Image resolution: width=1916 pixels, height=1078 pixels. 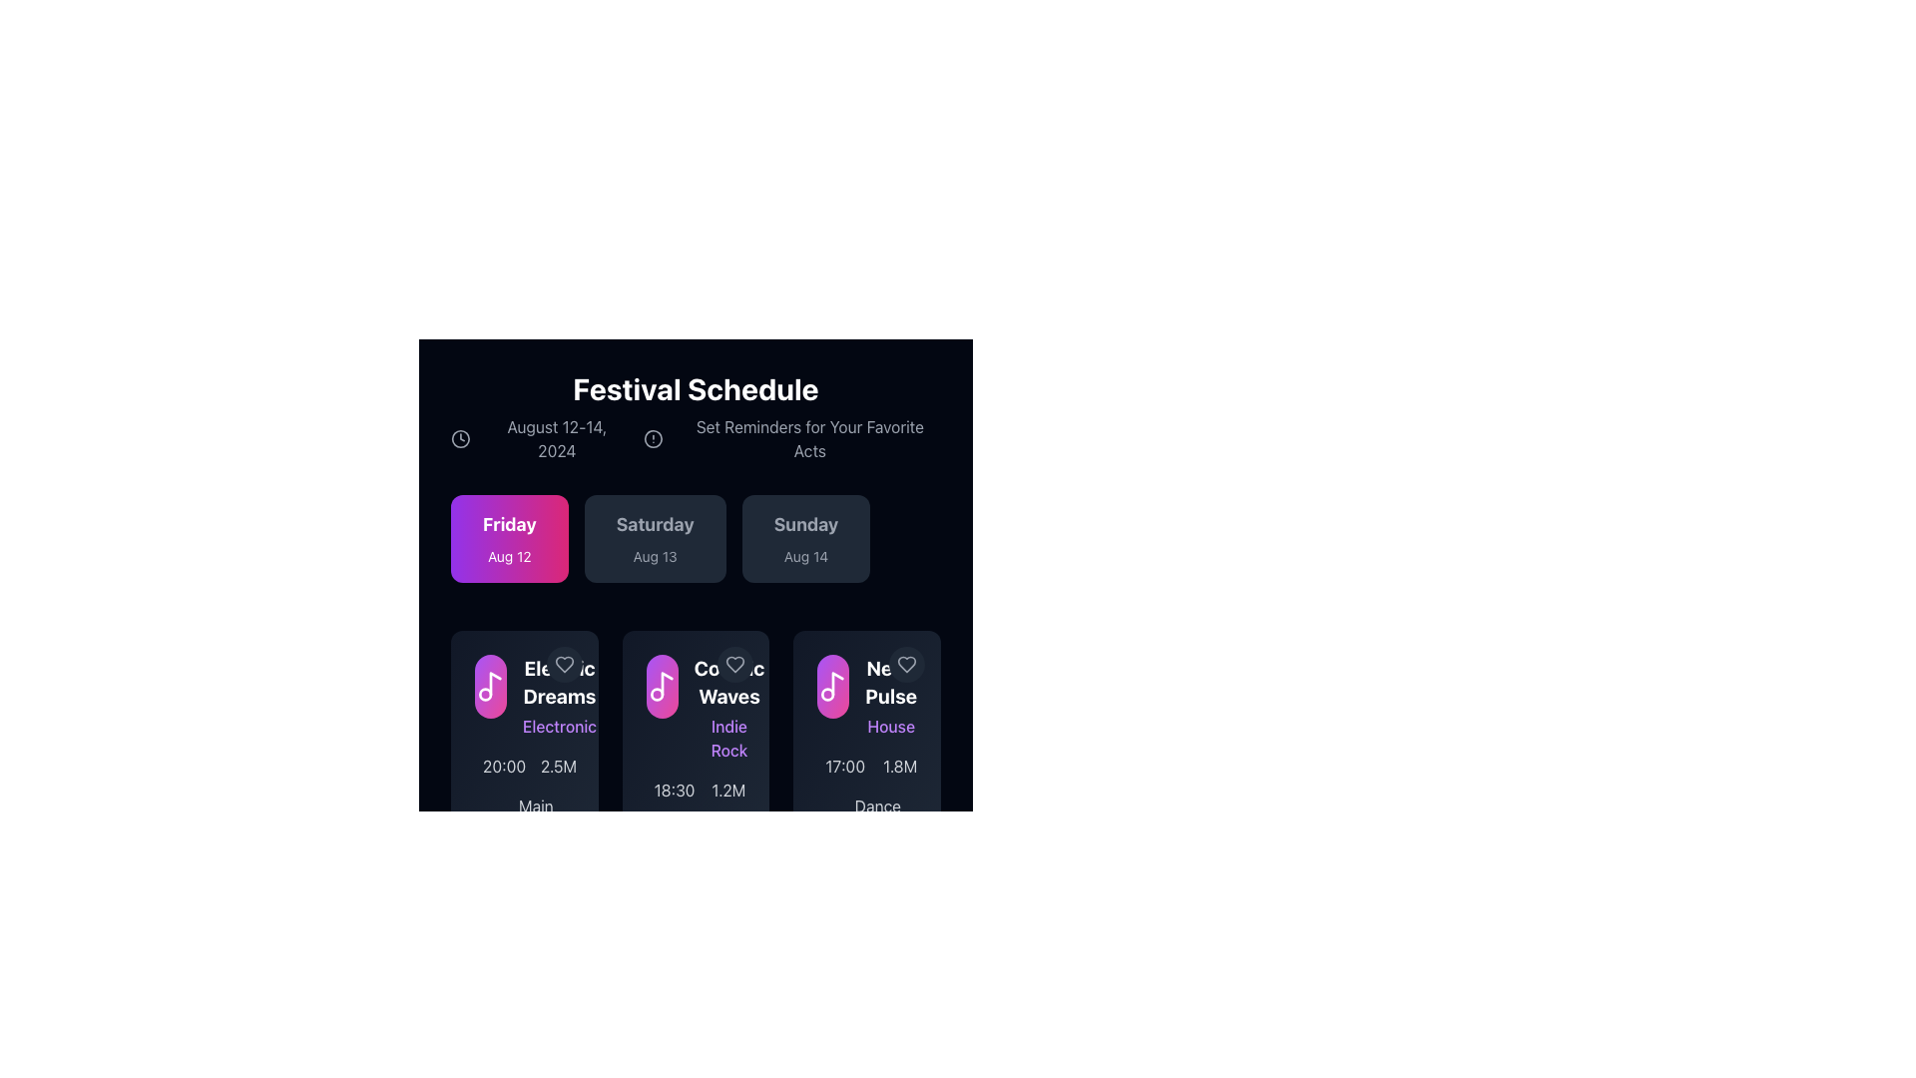 What do you see at coordinates (696, 563) in the screenshot?
I see `the specific date buttons within the Informational Content Block` at bounding box center [696, 563].